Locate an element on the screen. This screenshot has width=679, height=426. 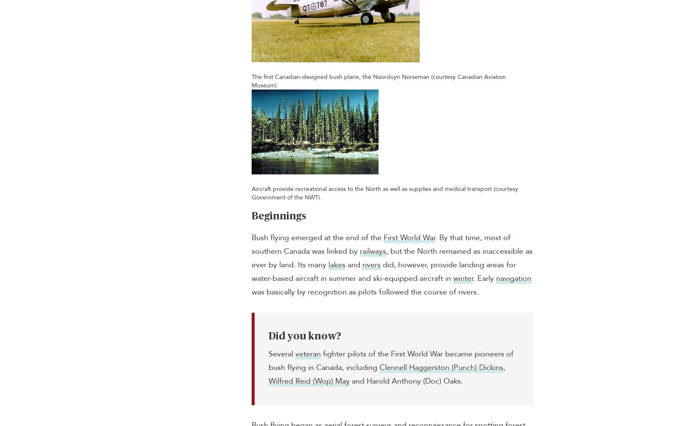
'Carlyle Clare Agar' is located at coordinates (174, 151).